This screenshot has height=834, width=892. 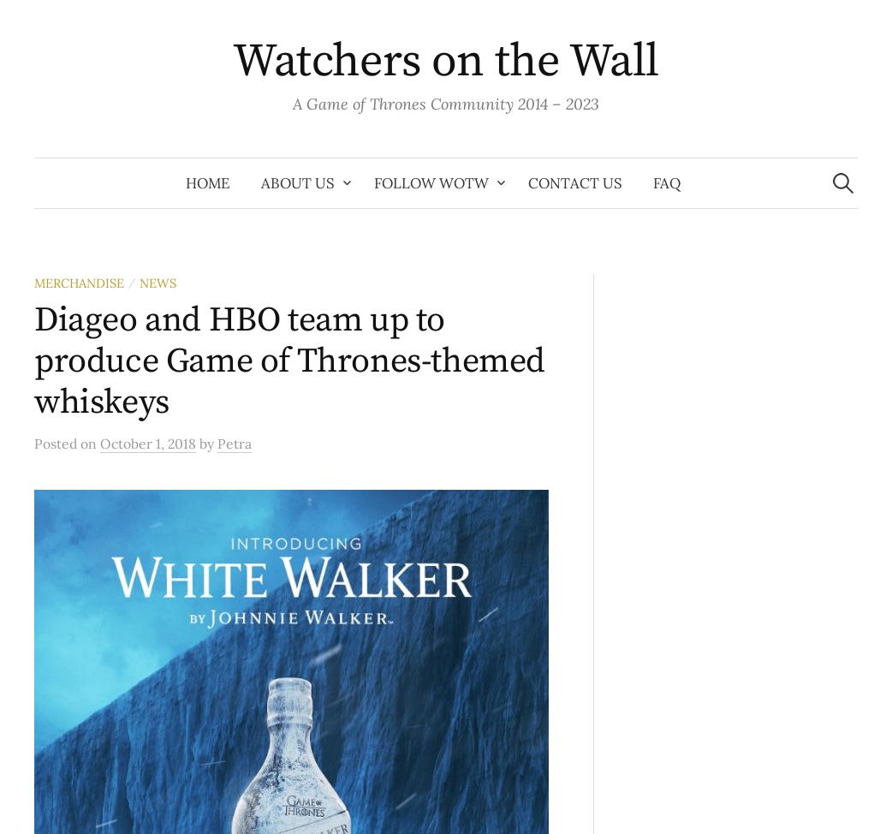 What do you see at coordinates (90, 443) in the screenshot?
I see `'on'` at bounding box center [90, 443].